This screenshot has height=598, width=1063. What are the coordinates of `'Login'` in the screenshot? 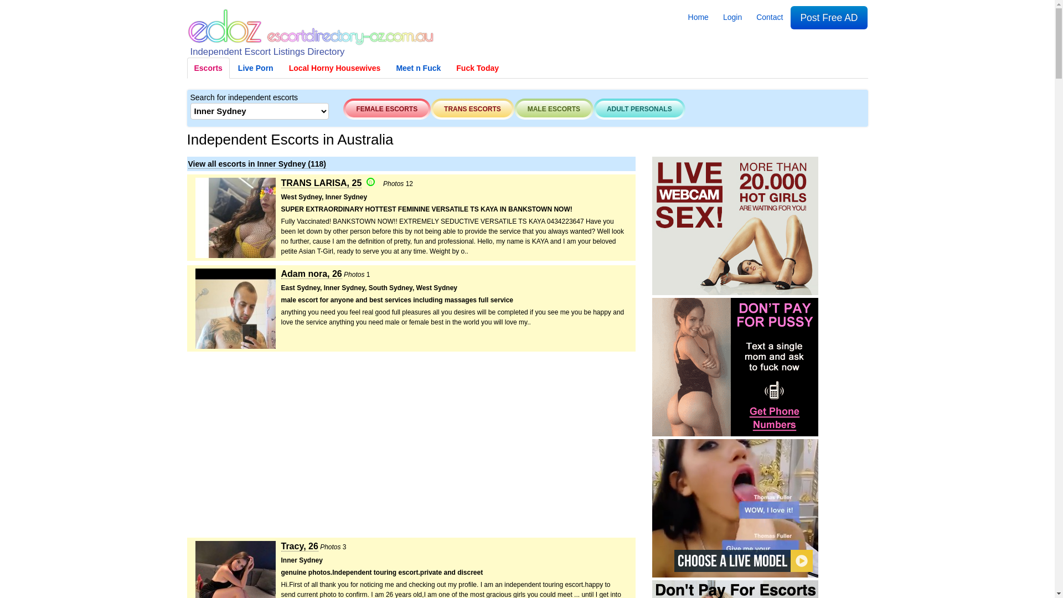 It's located at (732, 17).